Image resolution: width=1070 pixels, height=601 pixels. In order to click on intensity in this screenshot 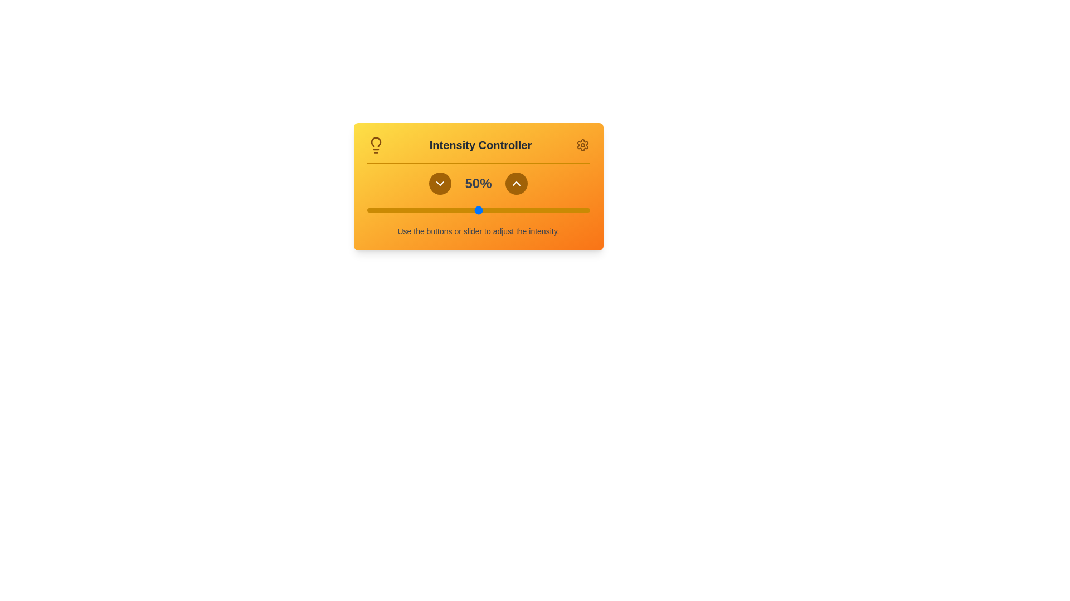, I will do `click(471, 210)`.